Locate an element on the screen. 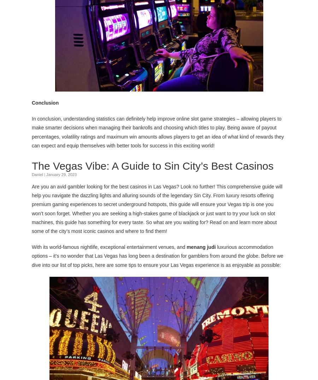  'luxurious accommodation options – it’s no wonder that Las Vegas has long been a destination for gamblers from around the globe. Before we dive into our list of top picks, here are some tips to ensure your Las Vegas experience is as enjoyable as possible:' is located at coordinates (157, 255).